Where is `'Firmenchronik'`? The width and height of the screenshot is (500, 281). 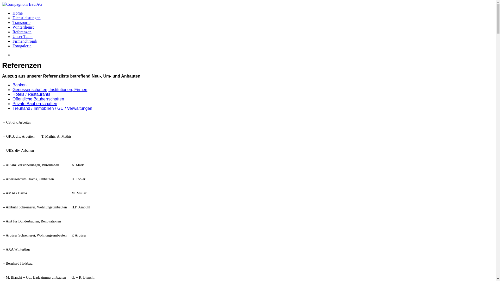
'Firmenchronik' is located at coordinates (24, 41).